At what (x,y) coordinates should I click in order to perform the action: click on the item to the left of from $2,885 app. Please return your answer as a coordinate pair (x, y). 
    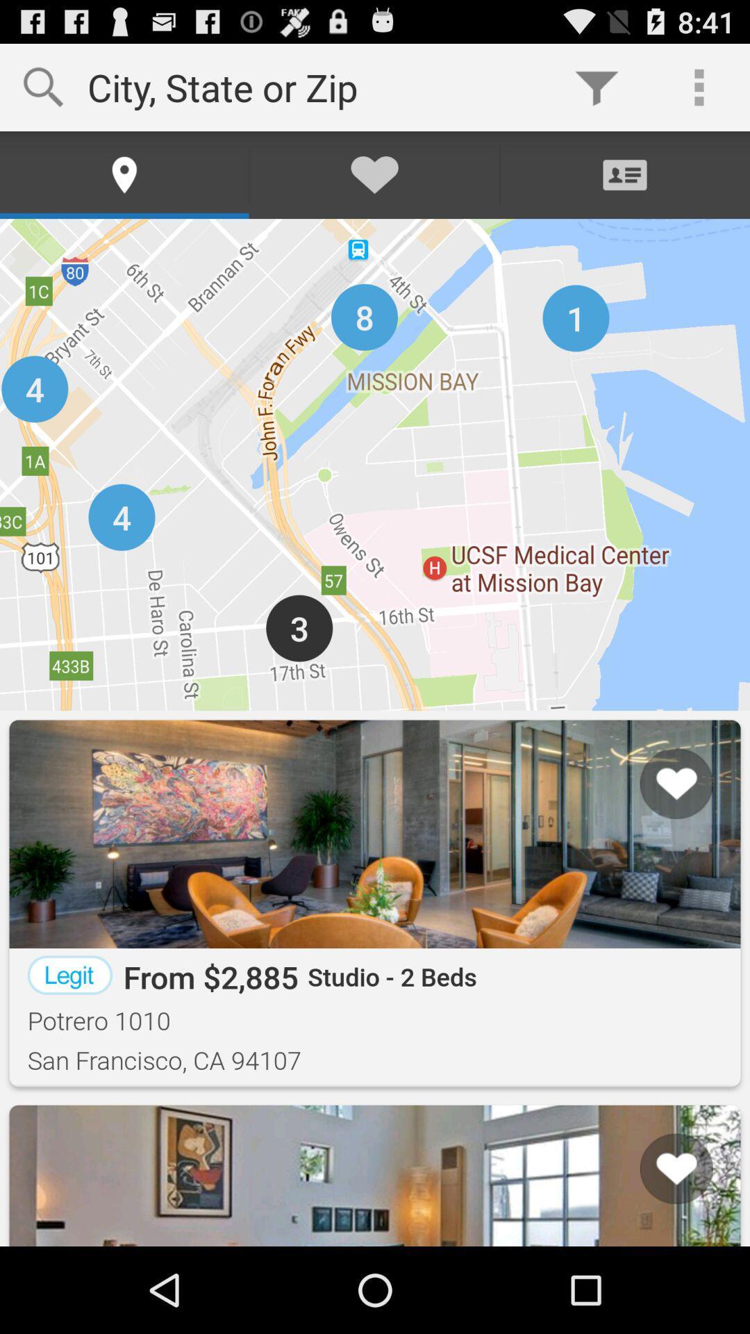
    Looking at the image, I should click on (69, 974).